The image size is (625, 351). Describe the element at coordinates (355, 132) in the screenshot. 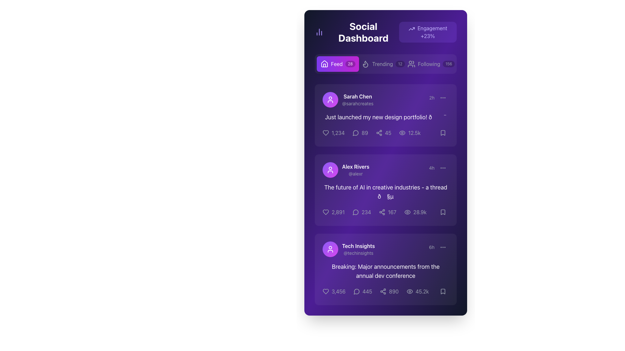

I see `the circular message bubble icon that is outlined and hollow, located to the left of the number '89'` at that location.